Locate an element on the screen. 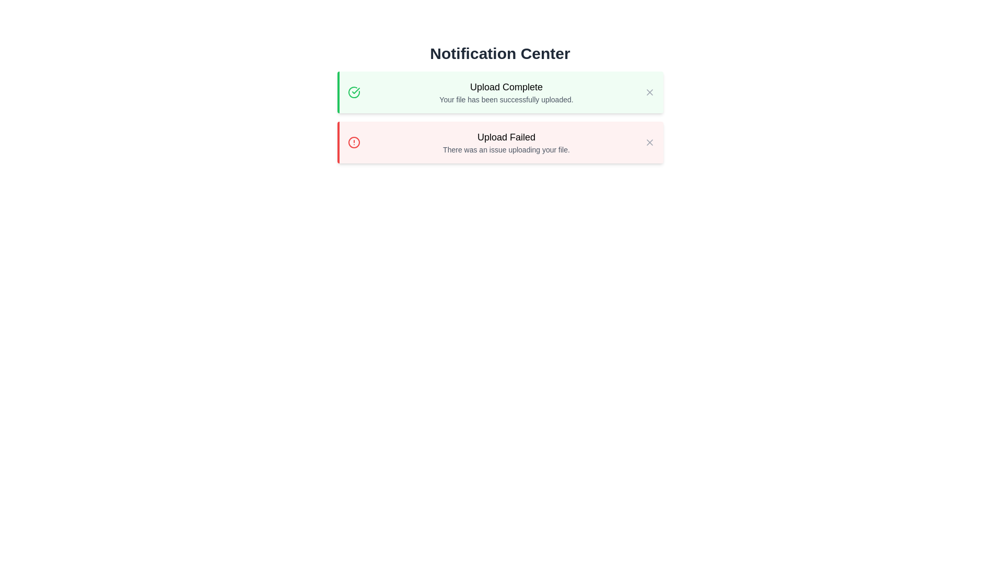  the text label that displays 'Your file has been successfully uploaded.' located below the 'Upload Complete' header in the notification card with a light green background is located at coordinates (506, 100).